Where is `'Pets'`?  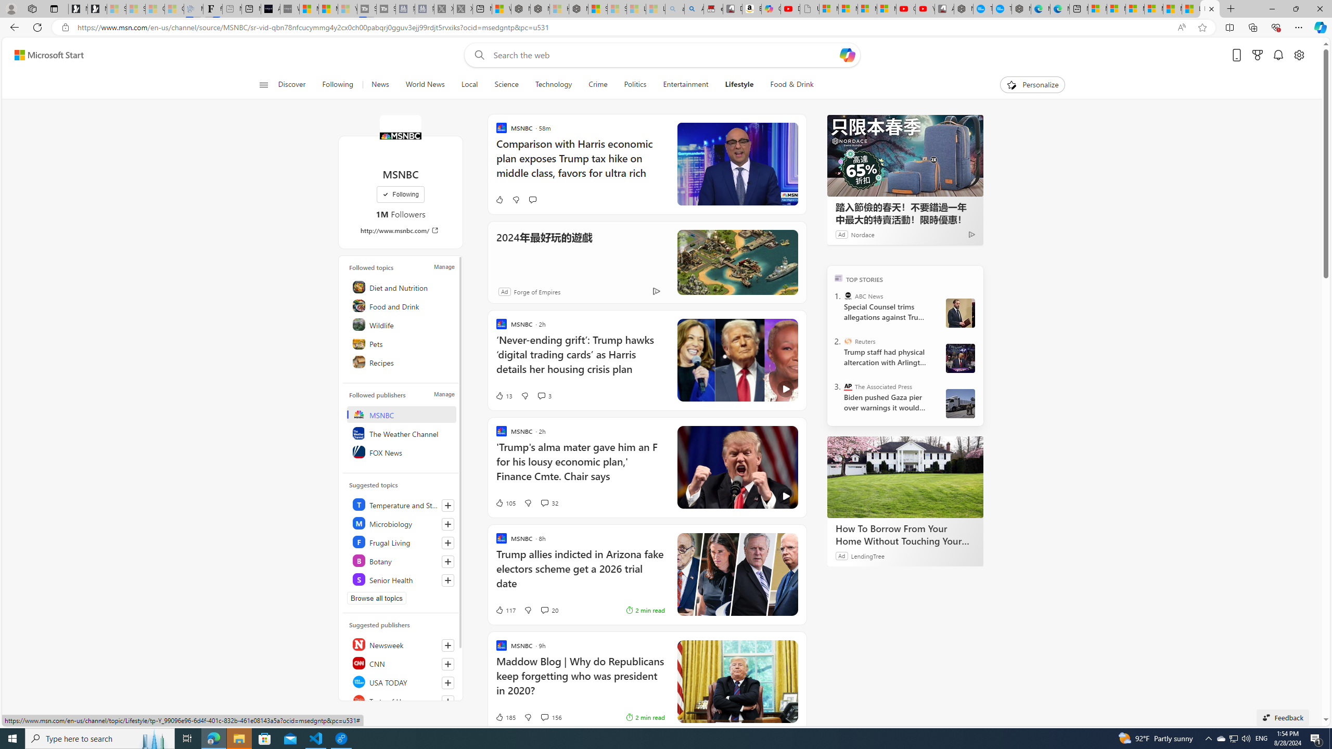
'Pets' is located at coordinates (402, 342).